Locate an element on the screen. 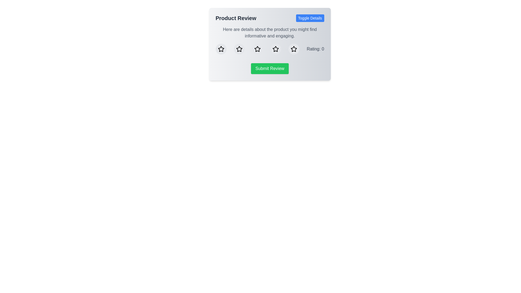  the star corresponding to the desired rating 4 is located at coordinates (276, 49).